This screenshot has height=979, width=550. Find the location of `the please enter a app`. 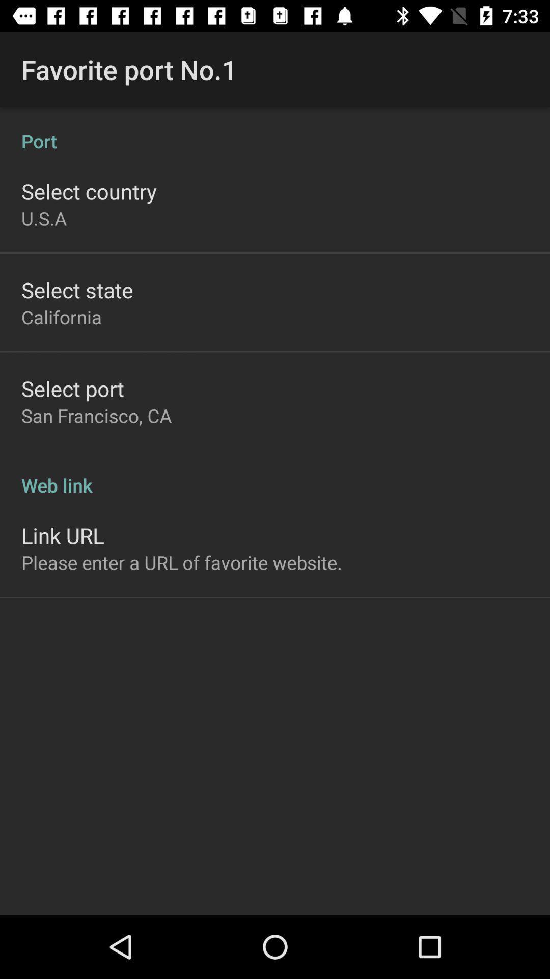

the please enter a app is located at coordinates (181, 562).